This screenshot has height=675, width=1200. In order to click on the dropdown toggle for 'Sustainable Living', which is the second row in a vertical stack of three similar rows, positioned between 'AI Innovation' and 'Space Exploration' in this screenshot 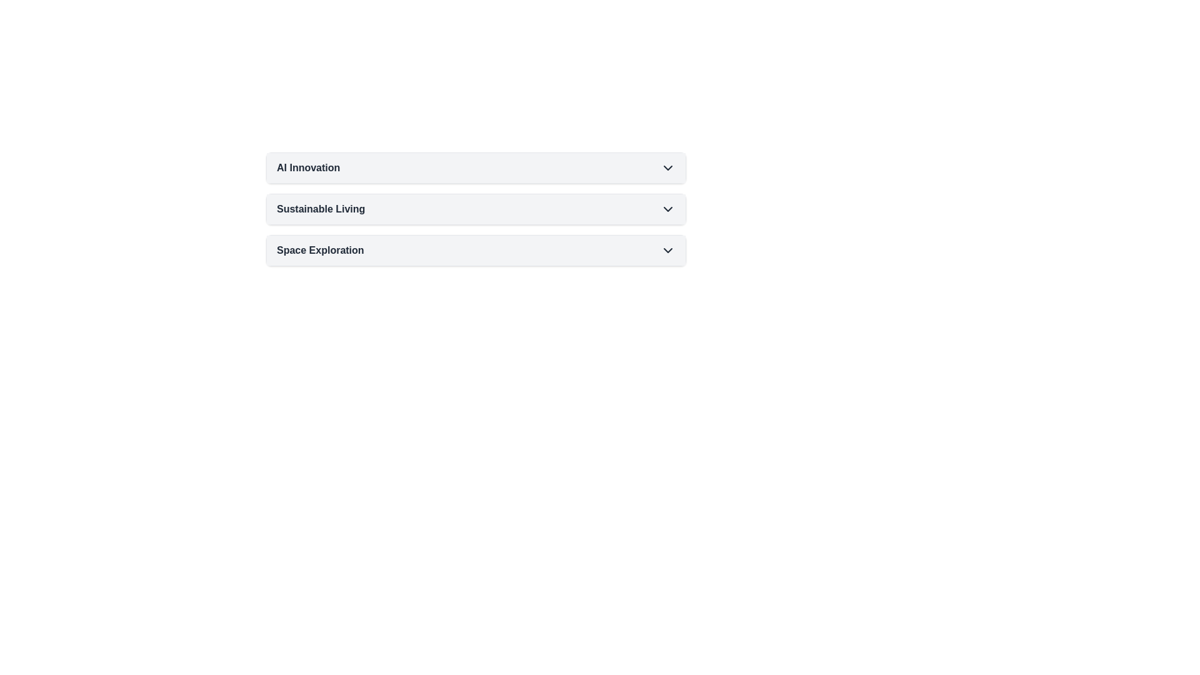, I will do `click(476, 209)`.